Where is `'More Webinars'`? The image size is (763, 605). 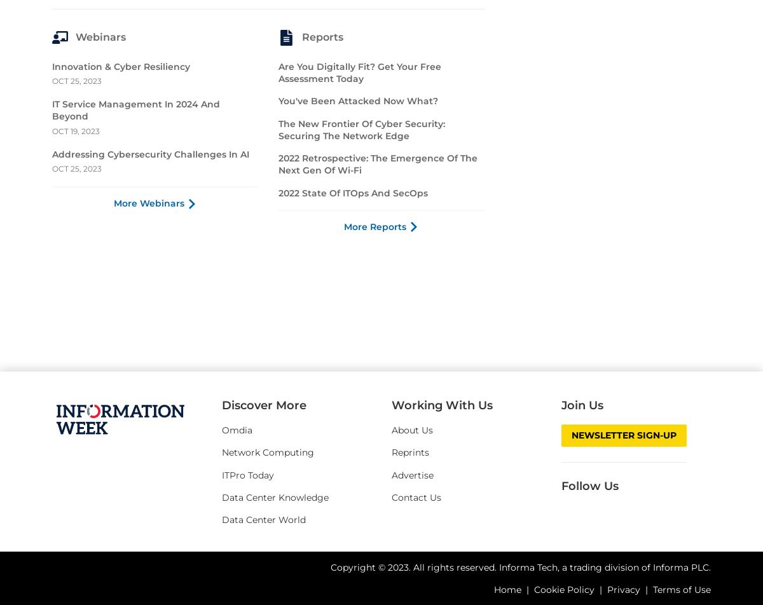
'More Webinars' is located at coordinates (112, 433).